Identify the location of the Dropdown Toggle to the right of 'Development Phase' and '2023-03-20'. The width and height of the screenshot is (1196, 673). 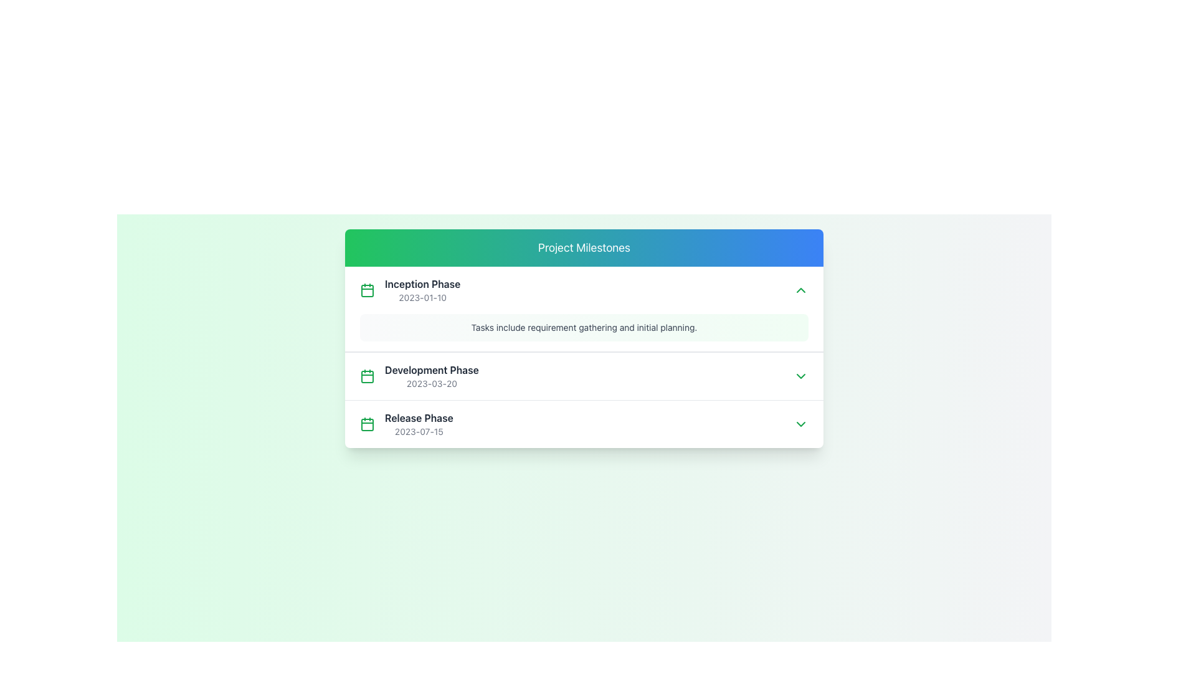
(801, 376).